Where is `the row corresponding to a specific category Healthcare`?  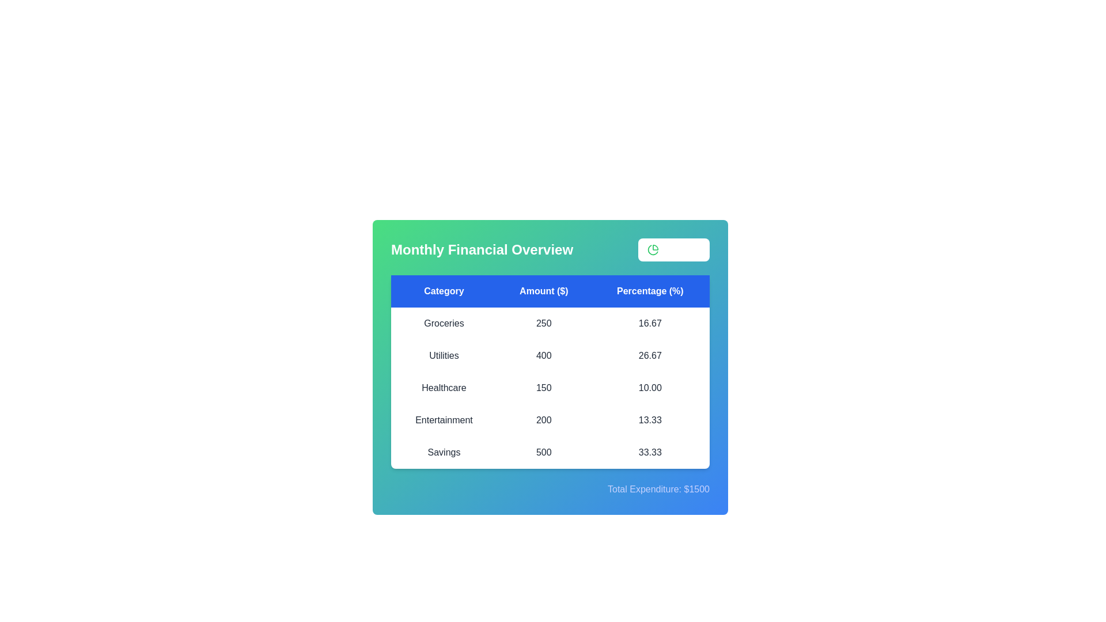 the row corresponding to a specific category Healthcare is located at coordinates (444, 388).